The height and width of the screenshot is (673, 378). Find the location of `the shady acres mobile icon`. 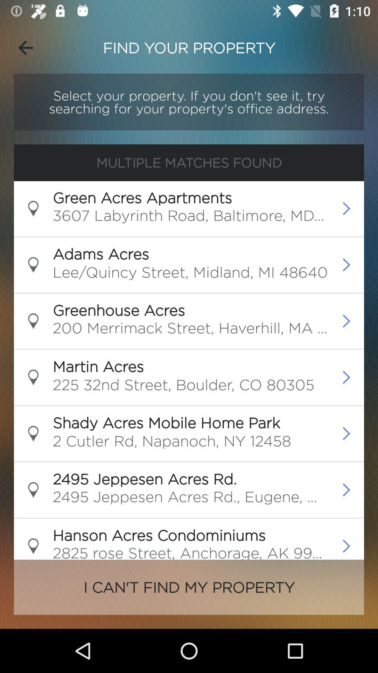

the shady acres mobile icon is located at coordinates (166, 422).